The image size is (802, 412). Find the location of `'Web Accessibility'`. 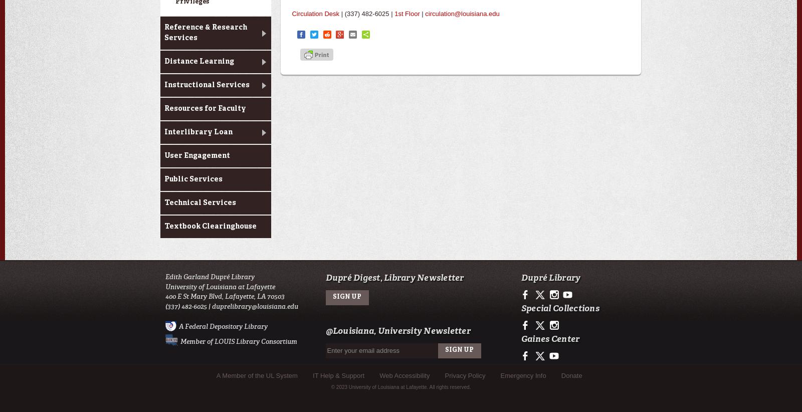

'Web Accessibility' is located at coordinates (404, 374).